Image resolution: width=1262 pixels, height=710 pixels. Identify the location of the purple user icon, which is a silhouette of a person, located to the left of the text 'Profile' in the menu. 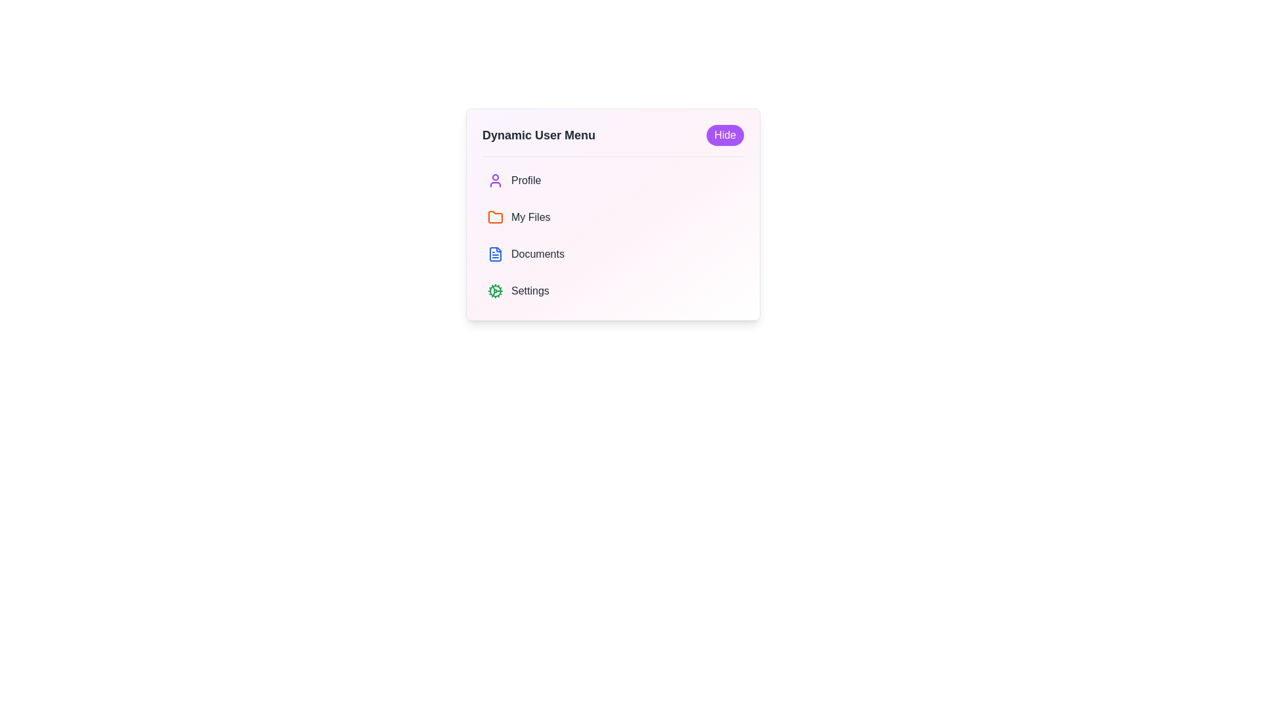
(494, 180).